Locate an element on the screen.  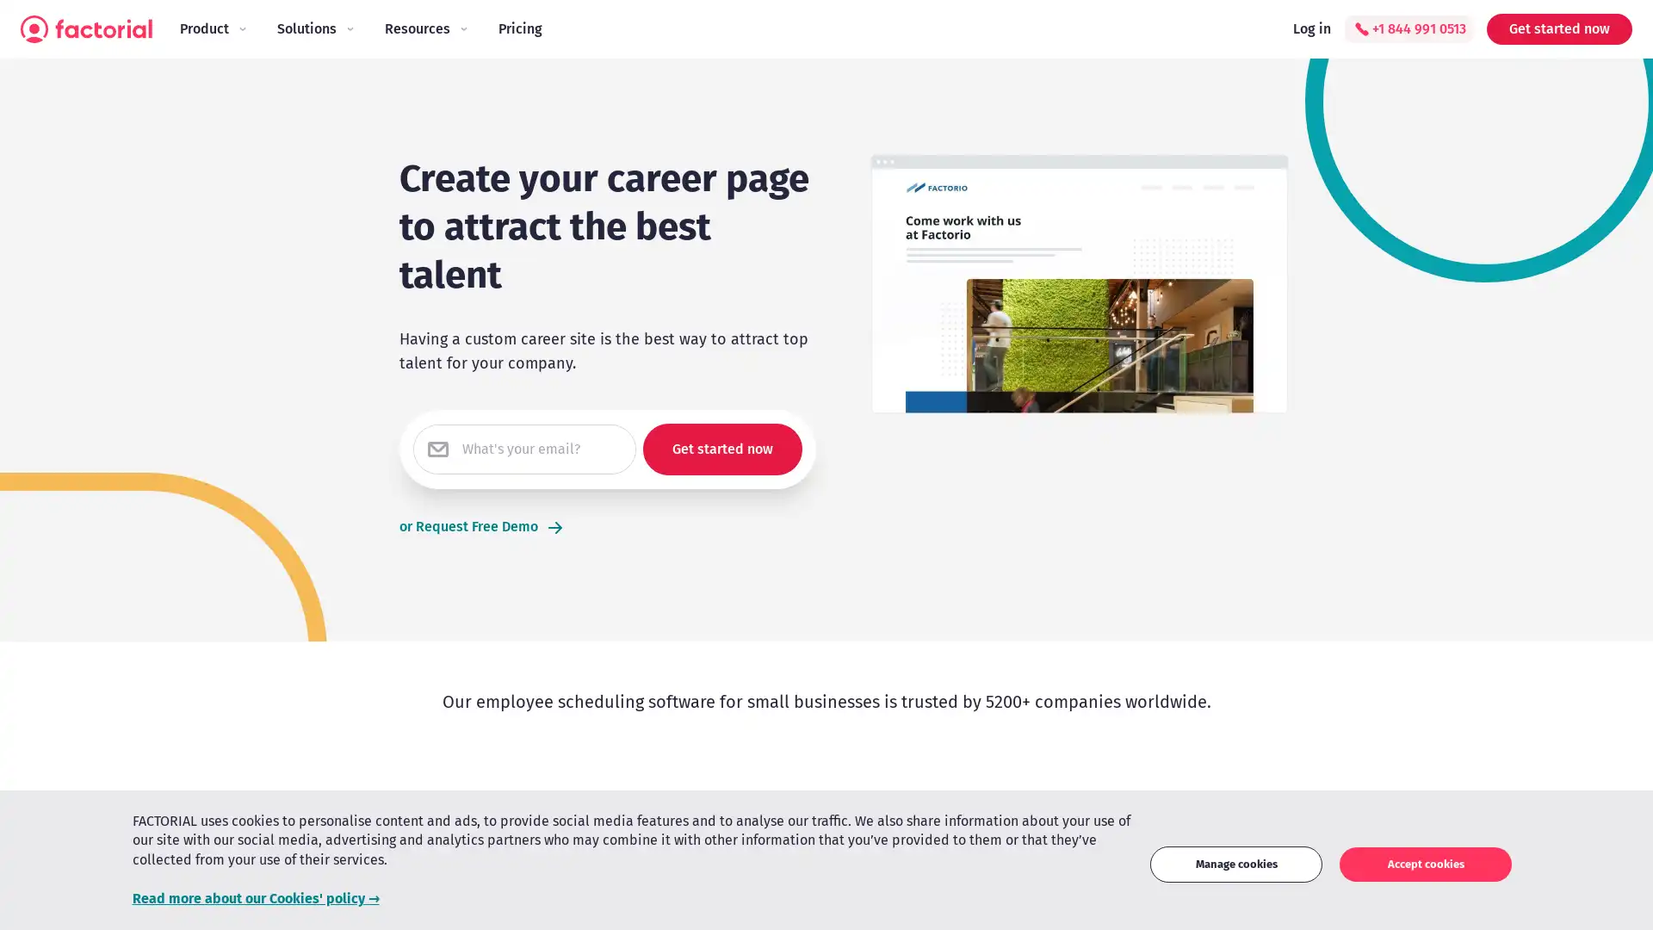
Accept cookies is located at coordinates (1426, 864).